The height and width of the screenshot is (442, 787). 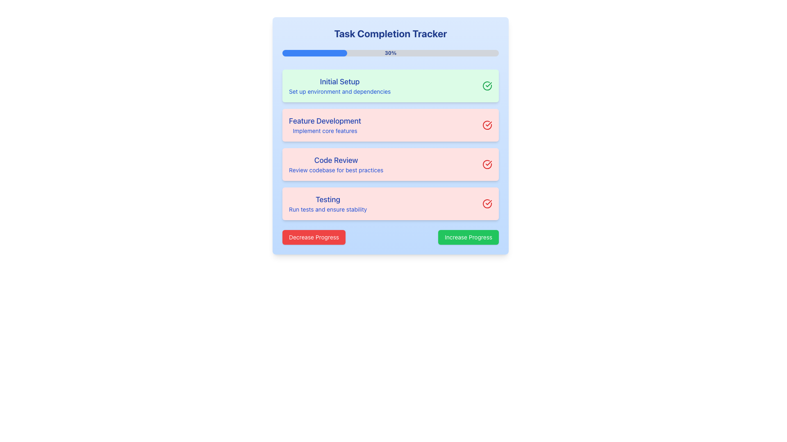 I want to click on the Card Element with a pinkish background that contains the title 'Code Review' and a red circular checkmark icon, which is the third card in a vertical stack, so click(x=390, y=164).